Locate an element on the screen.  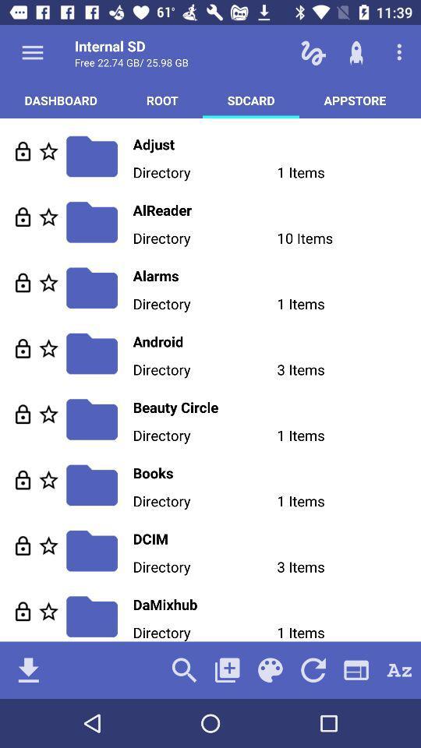
bookmark elements so they are easier to find when needed is located at coordinates (48, 151).